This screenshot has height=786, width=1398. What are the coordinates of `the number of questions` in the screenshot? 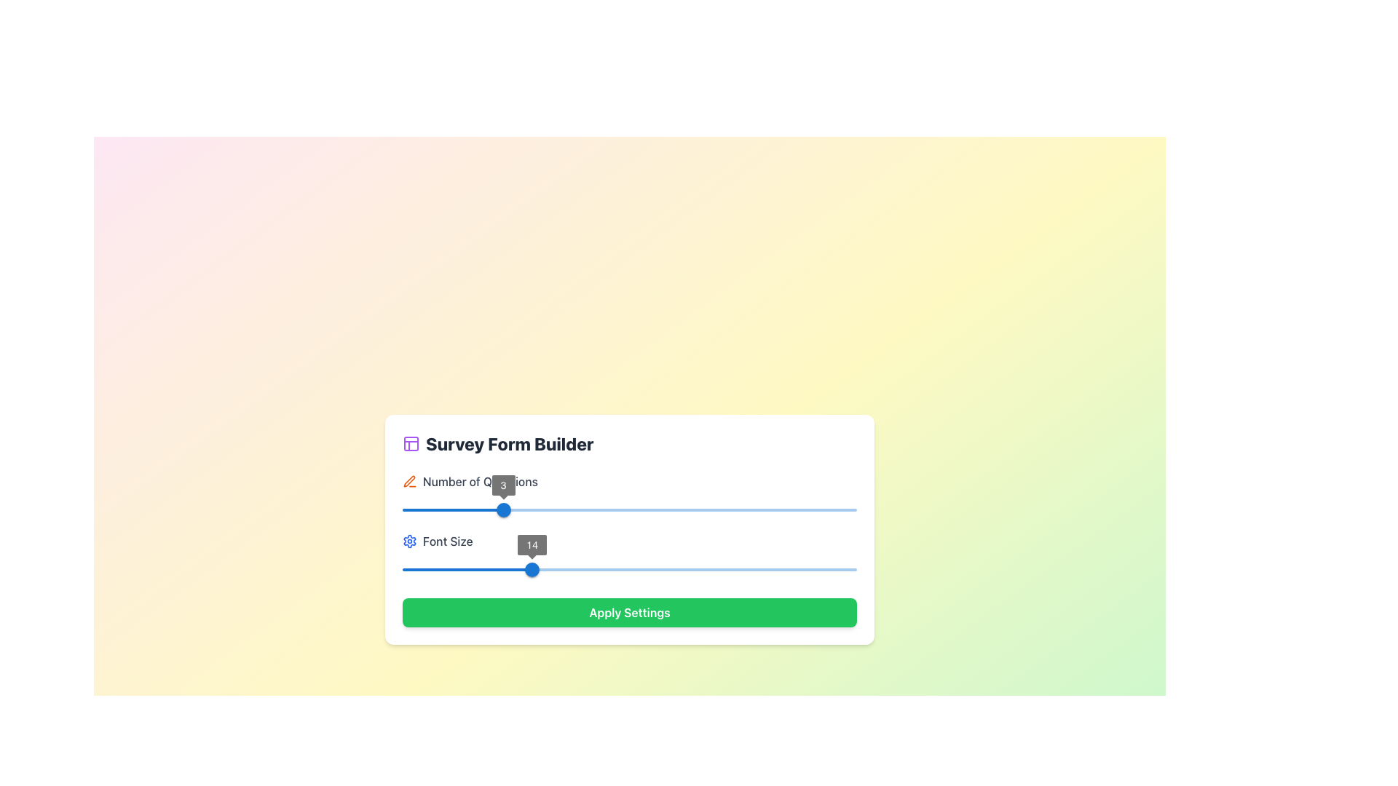 It's located at (485, 509).